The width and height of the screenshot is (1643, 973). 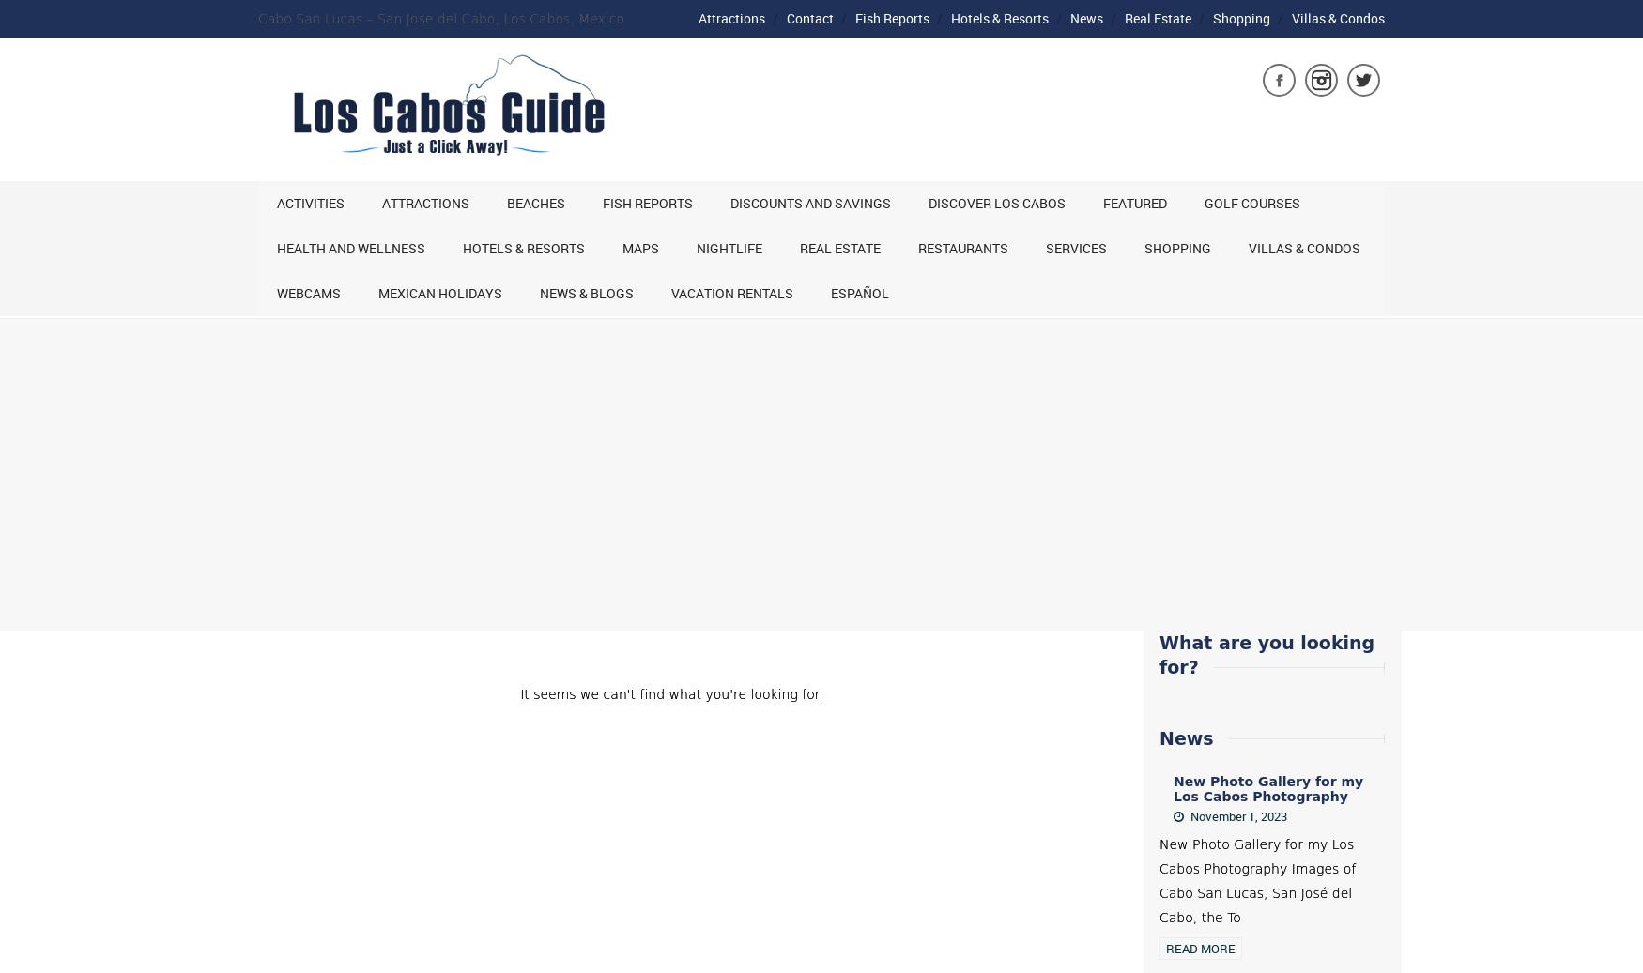 I want to click on 'Restaurants', so click(x=962, y=247).